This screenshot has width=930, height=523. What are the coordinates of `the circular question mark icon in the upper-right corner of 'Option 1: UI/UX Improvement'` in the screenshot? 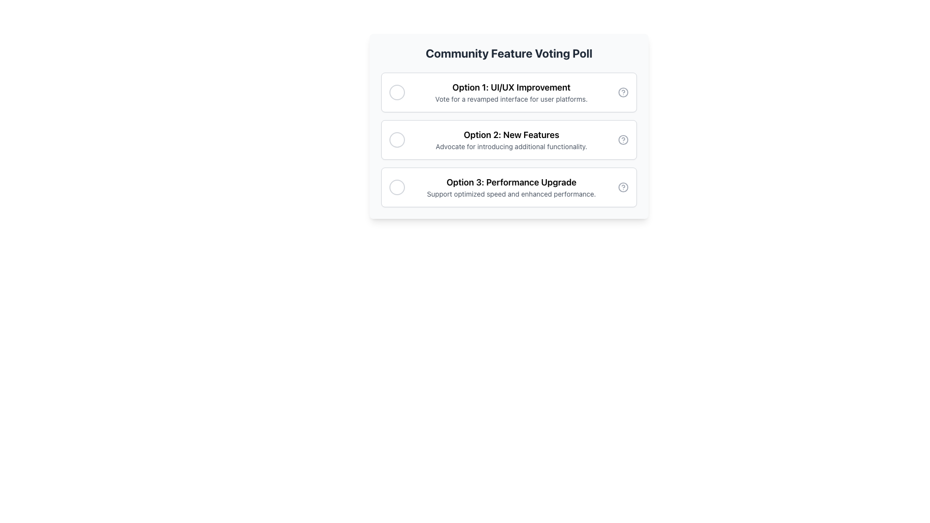 It's located at (623, 92).